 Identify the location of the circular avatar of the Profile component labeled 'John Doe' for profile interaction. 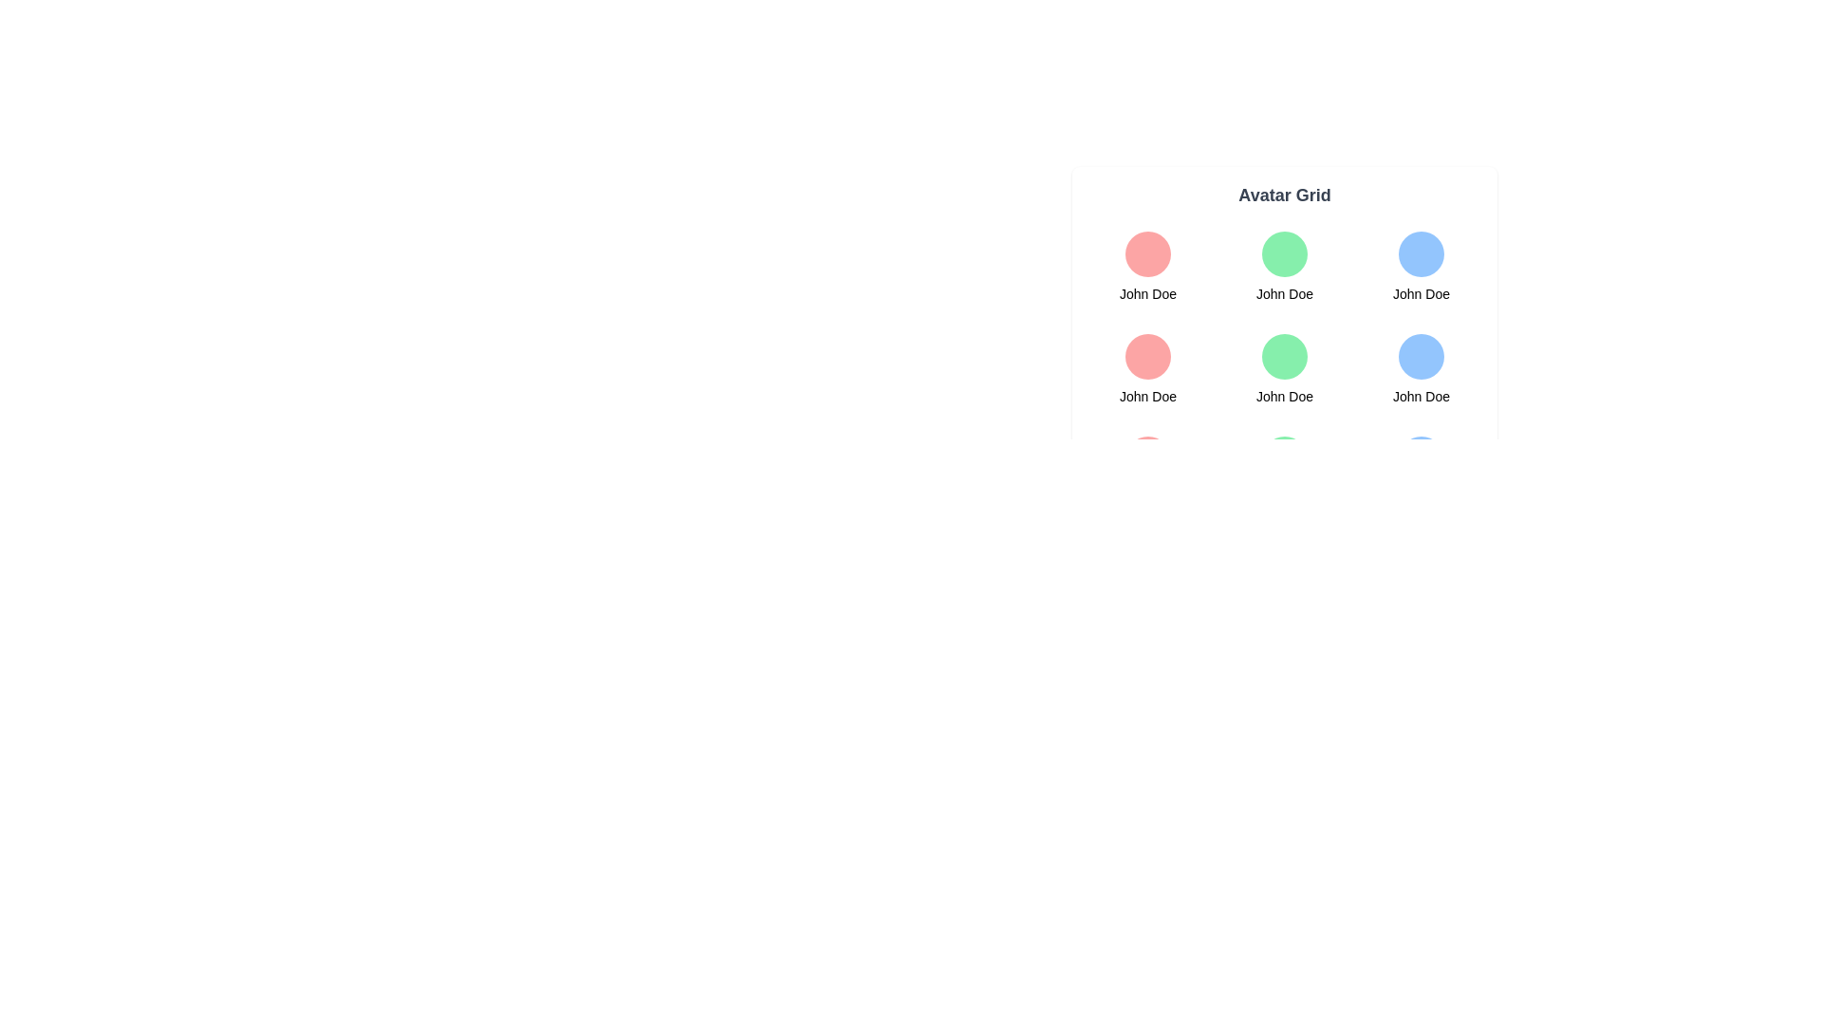
(1284, 369).